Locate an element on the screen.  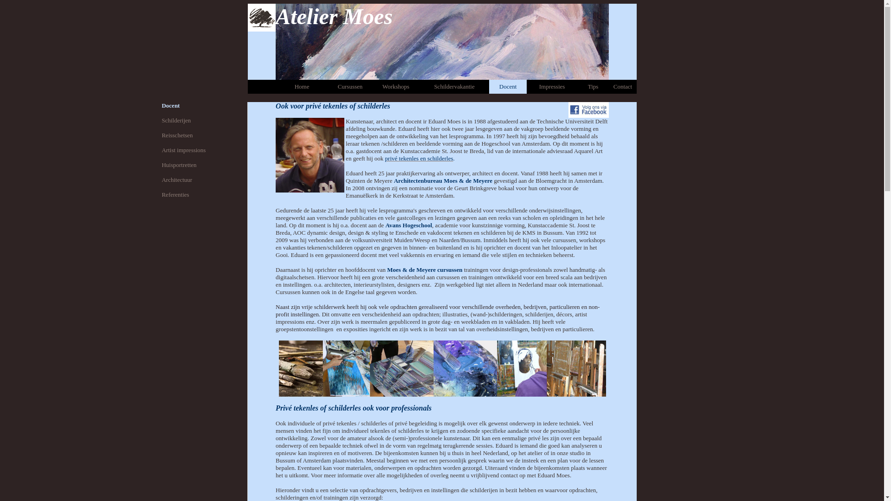
'Docent' is located at coordinates (170, 105).